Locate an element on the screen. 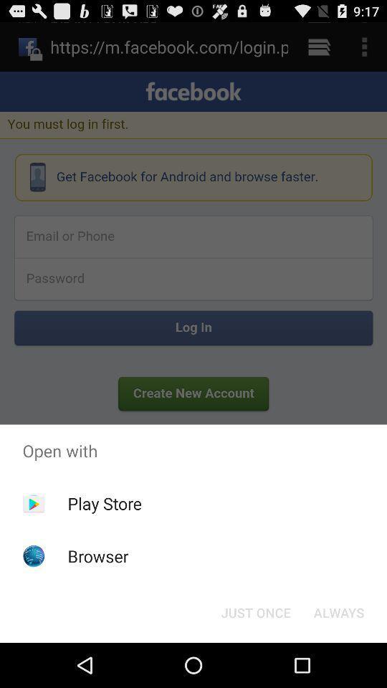 This screenshot has height=688, width=387. the button next to the just once button is located at coordinates (338, 611).